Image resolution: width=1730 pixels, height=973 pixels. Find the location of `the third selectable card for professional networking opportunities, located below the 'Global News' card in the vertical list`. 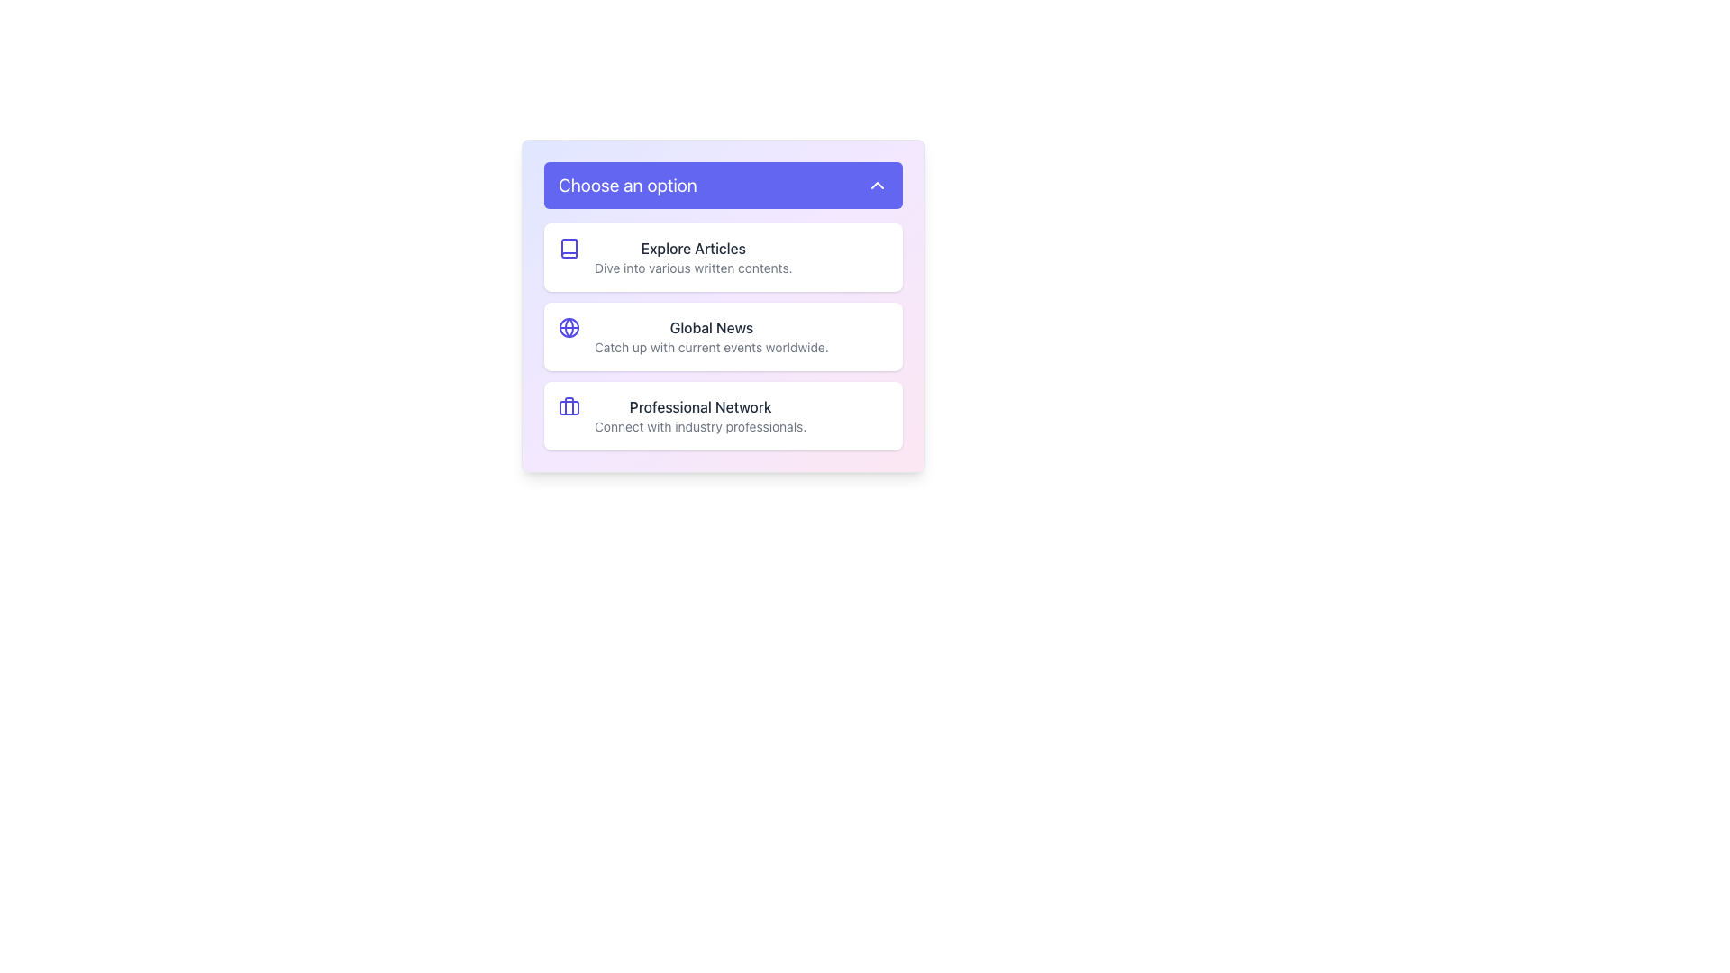

the third selectable card for professional networking opportunities, located below the 'Global News' card in the vertical list is located at coordinates (723, 416).